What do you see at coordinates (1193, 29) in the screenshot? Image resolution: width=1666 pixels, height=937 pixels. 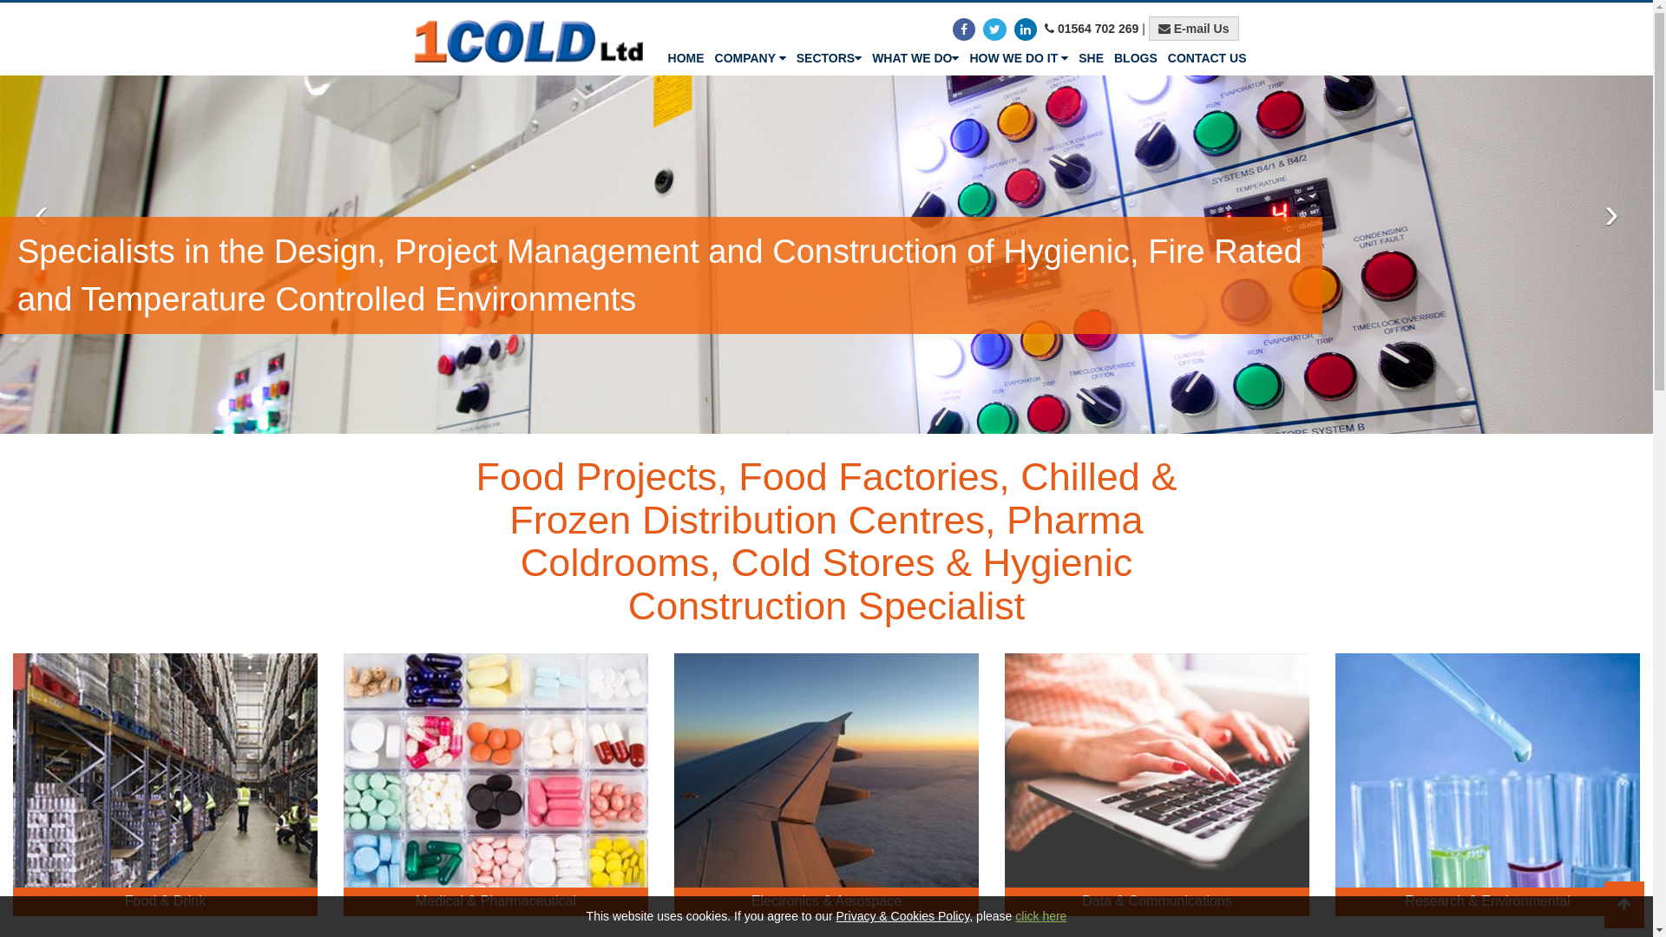 I see `'E-mail Us'` at bounding box center [1193, 29].